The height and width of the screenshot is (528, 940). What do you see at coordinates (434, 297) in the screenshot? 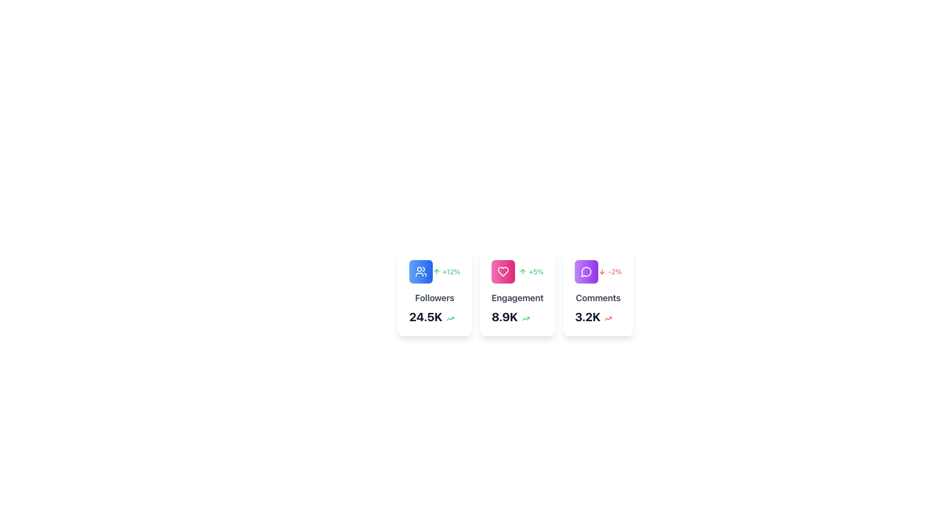
I see `the static text label indicating 'Followers' located in the middle portion of the first card, which is positioned beneath a blue icon and the text '+12%', and above the number '24.5K'` at bounding box center [434, 297].